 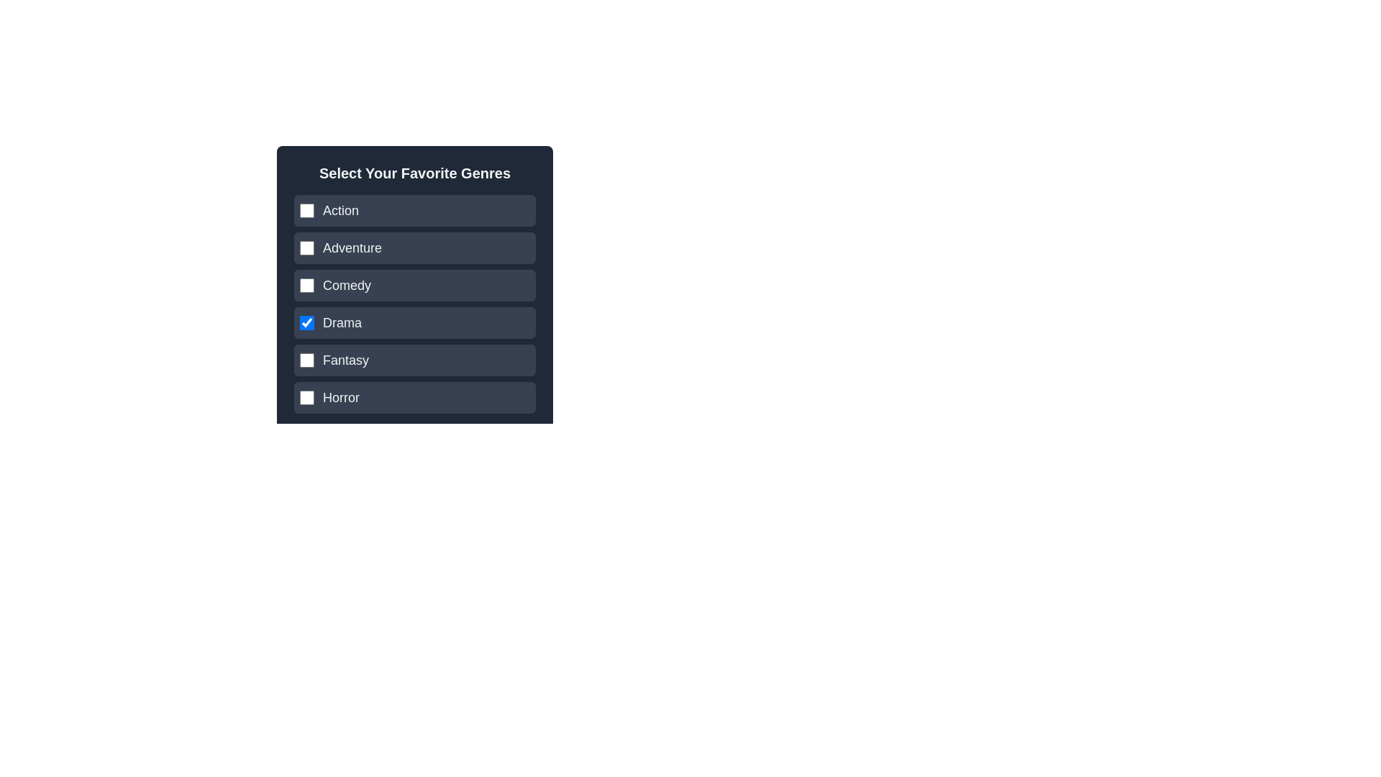 What do you see at coordinates (340, 211) in the screenshot?
I see `the label that indicates the purpose of the checkbox for selecting the 'Action' genre, located to the right of the checkbox in the 'Select Your Favorite Genres' list` at bounding box center [340, 211].